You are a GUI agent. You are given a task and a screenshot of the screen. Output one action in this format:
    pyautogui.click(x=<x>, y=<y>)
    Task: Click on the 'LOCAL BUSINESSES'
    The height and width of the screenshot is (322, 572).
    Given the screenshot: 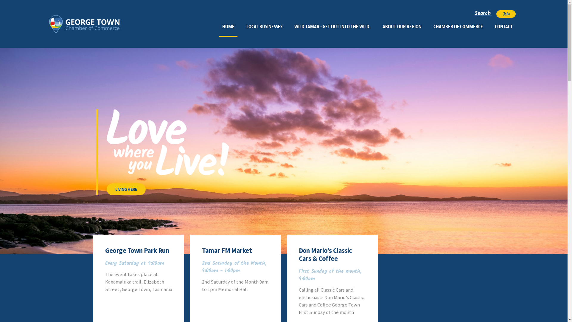 What is the action you would take?
    pyautogui.click(x=264, y=26)
    